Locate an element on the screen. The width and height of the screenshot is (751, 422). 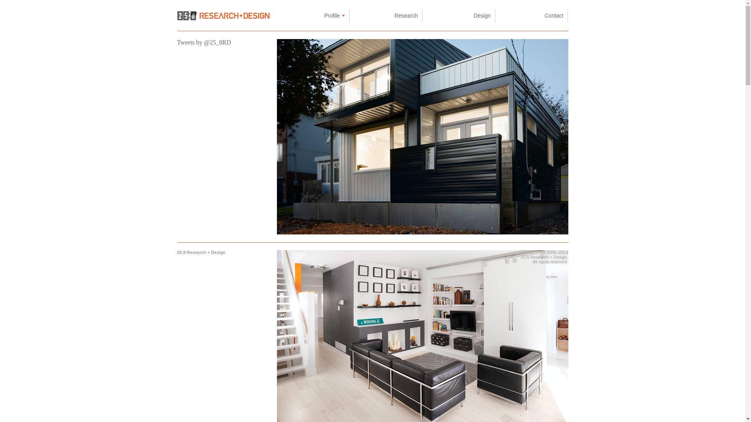
'Profile' is located at coordinates (313, 16).